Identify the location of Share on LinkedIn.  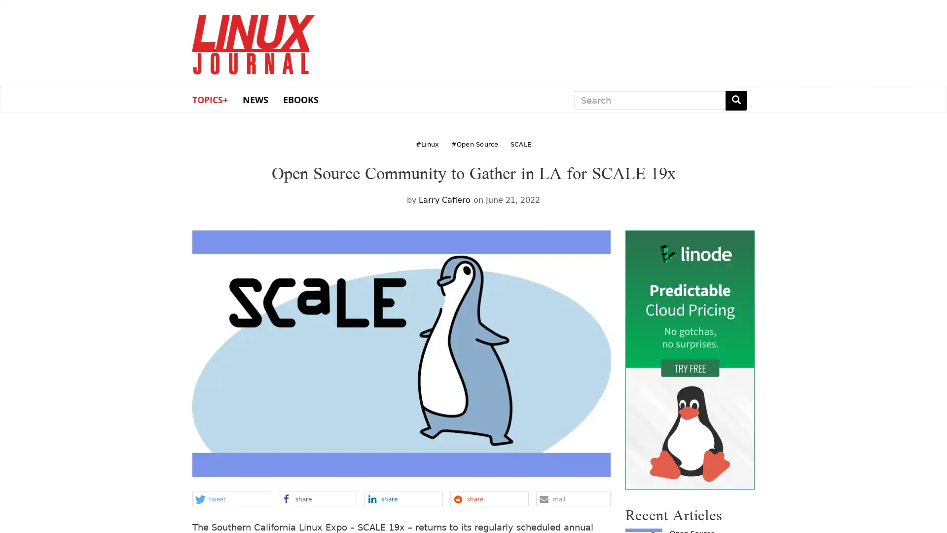
(403, 498).